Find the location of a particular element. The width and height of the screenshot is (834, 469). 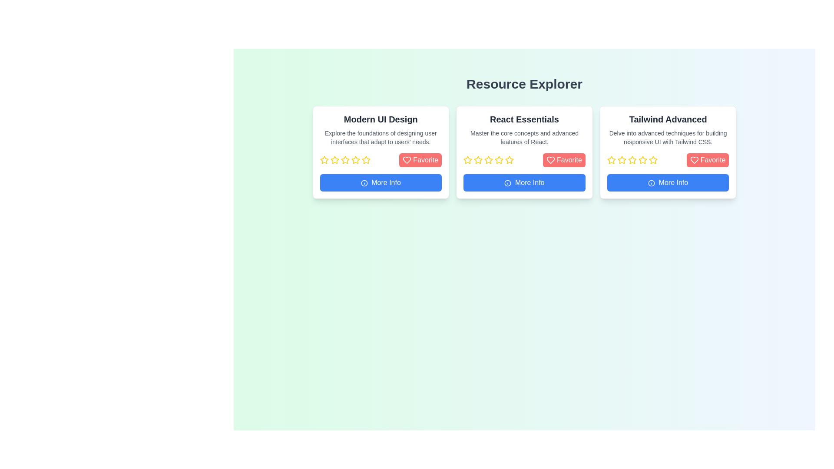

the fifth star icon in the rating section of the 'Tailwind Advanced' card is located at coordinates (632, 160).